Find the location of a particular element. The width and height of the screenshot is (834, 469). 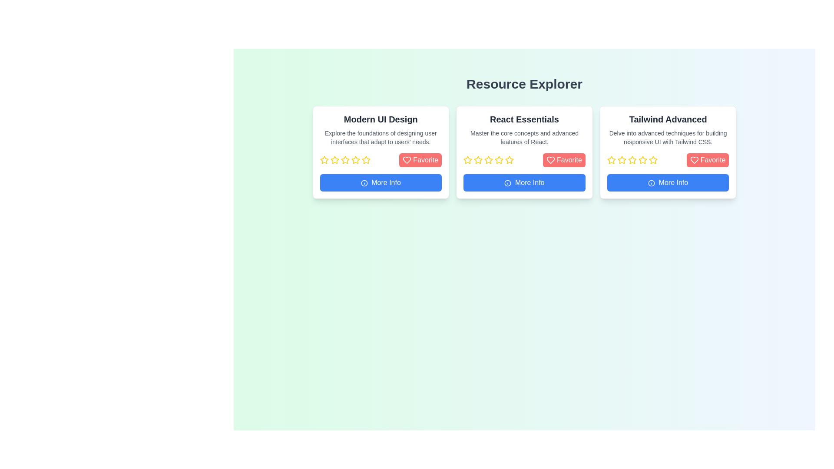

the fifth star icon in the rating section of the 'Tailwind Advanced' card is located at coordinates (632, 160).